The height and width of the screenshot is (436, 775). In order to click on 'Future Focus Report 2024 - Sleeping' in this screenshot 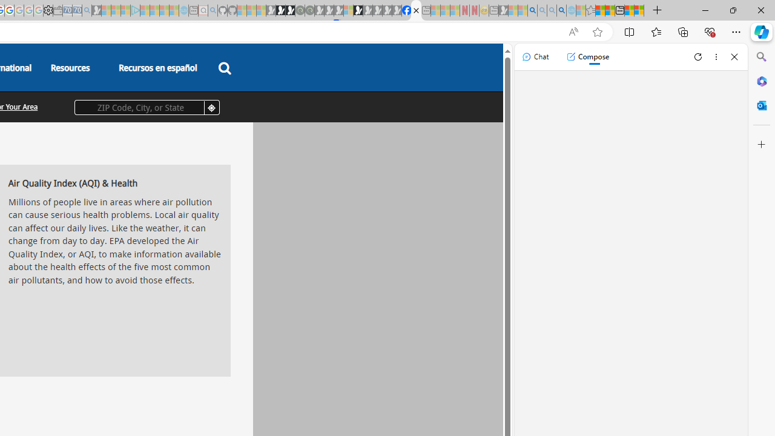, I will do `click(309, 10)`.